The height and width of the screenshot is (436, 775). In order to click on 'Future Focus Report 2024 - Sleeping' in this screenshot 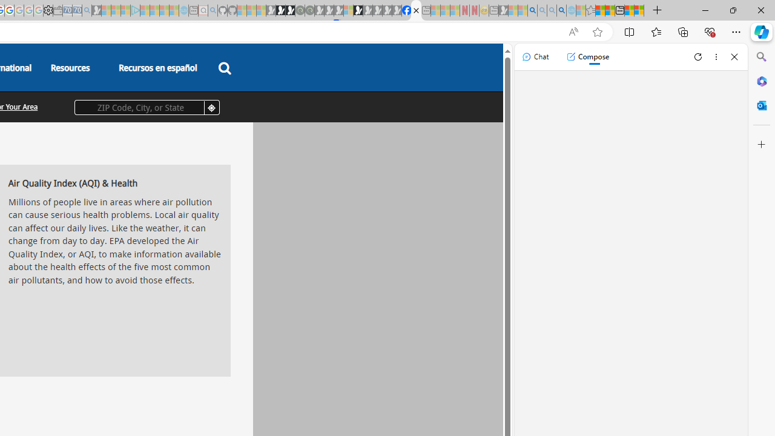, I will do `click(309, 10)`.